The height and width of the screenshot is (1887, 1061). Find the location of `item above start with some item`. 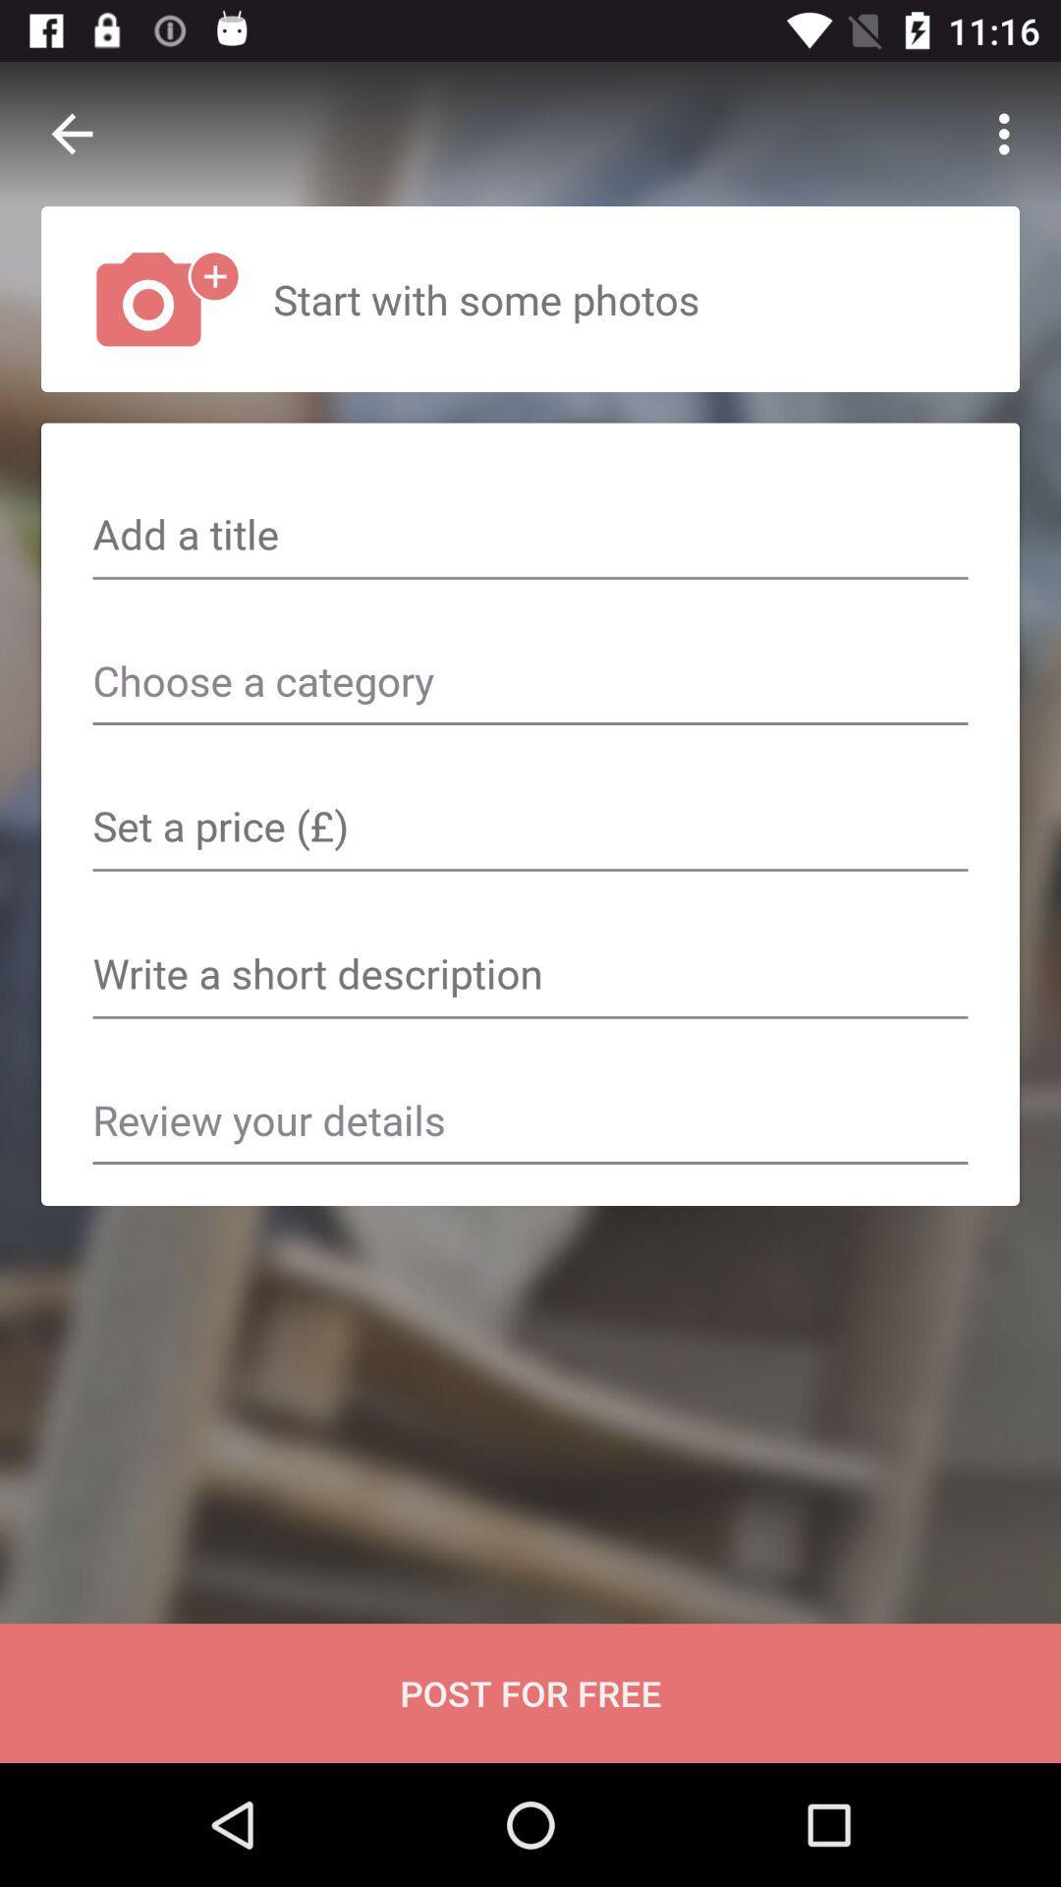

item above start with some item is located at coordinates (1009, 133).